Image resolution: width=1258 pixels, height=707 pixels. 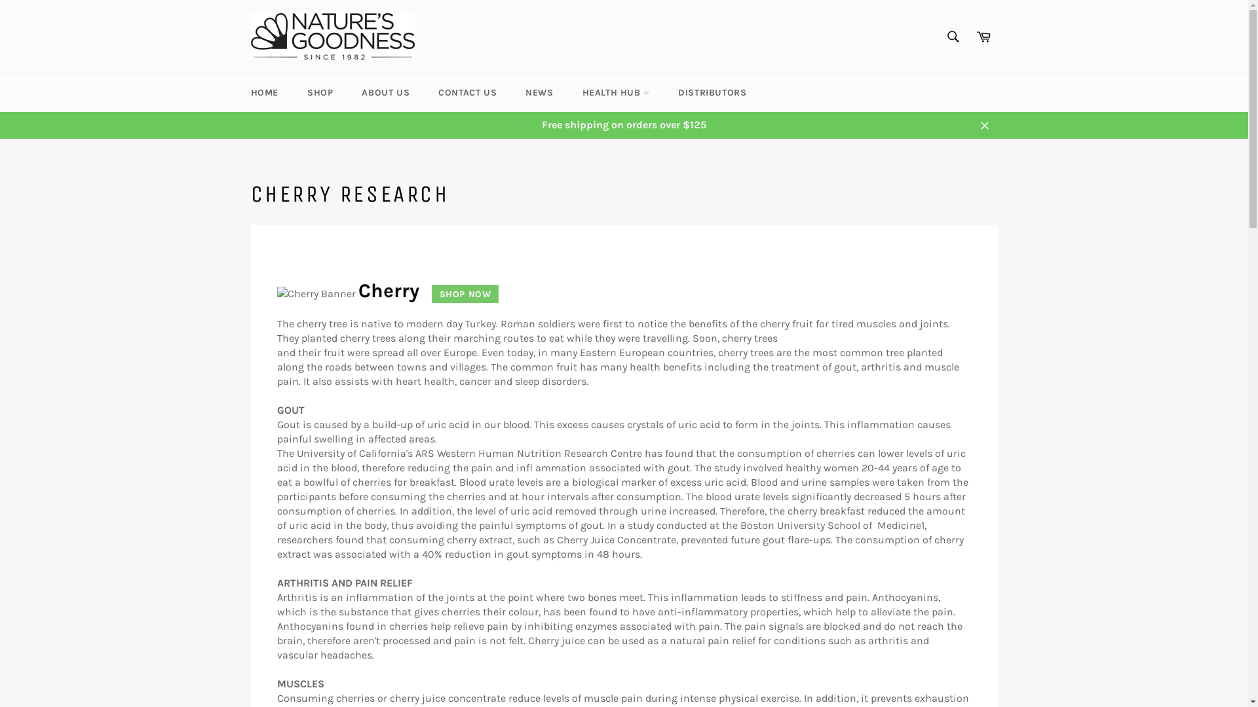 What do you see at coordinates (263, 92) in the screenshot?
I see `'HOME'` at bounding box center [263, 92].